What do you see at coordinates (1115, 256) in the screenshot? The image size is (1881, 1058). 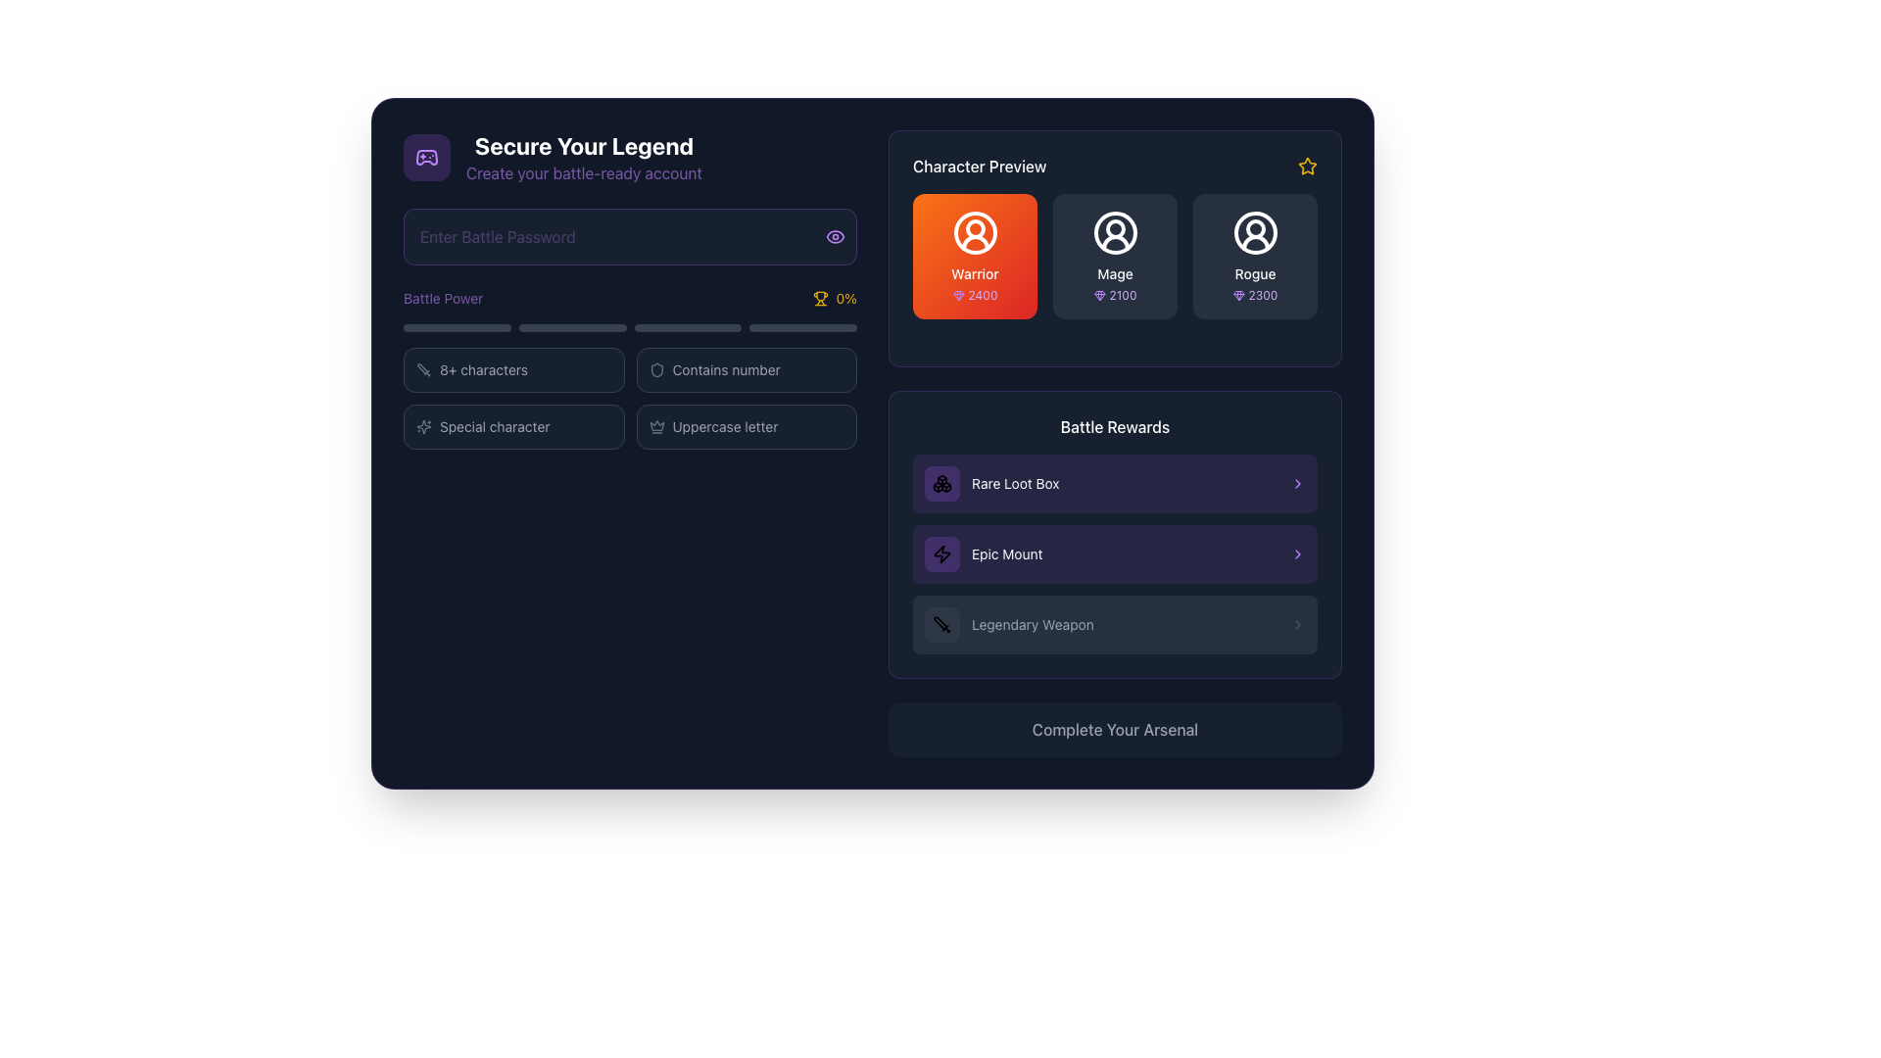 I see `the 'Mage' card` at bounding box center [1115, 256].